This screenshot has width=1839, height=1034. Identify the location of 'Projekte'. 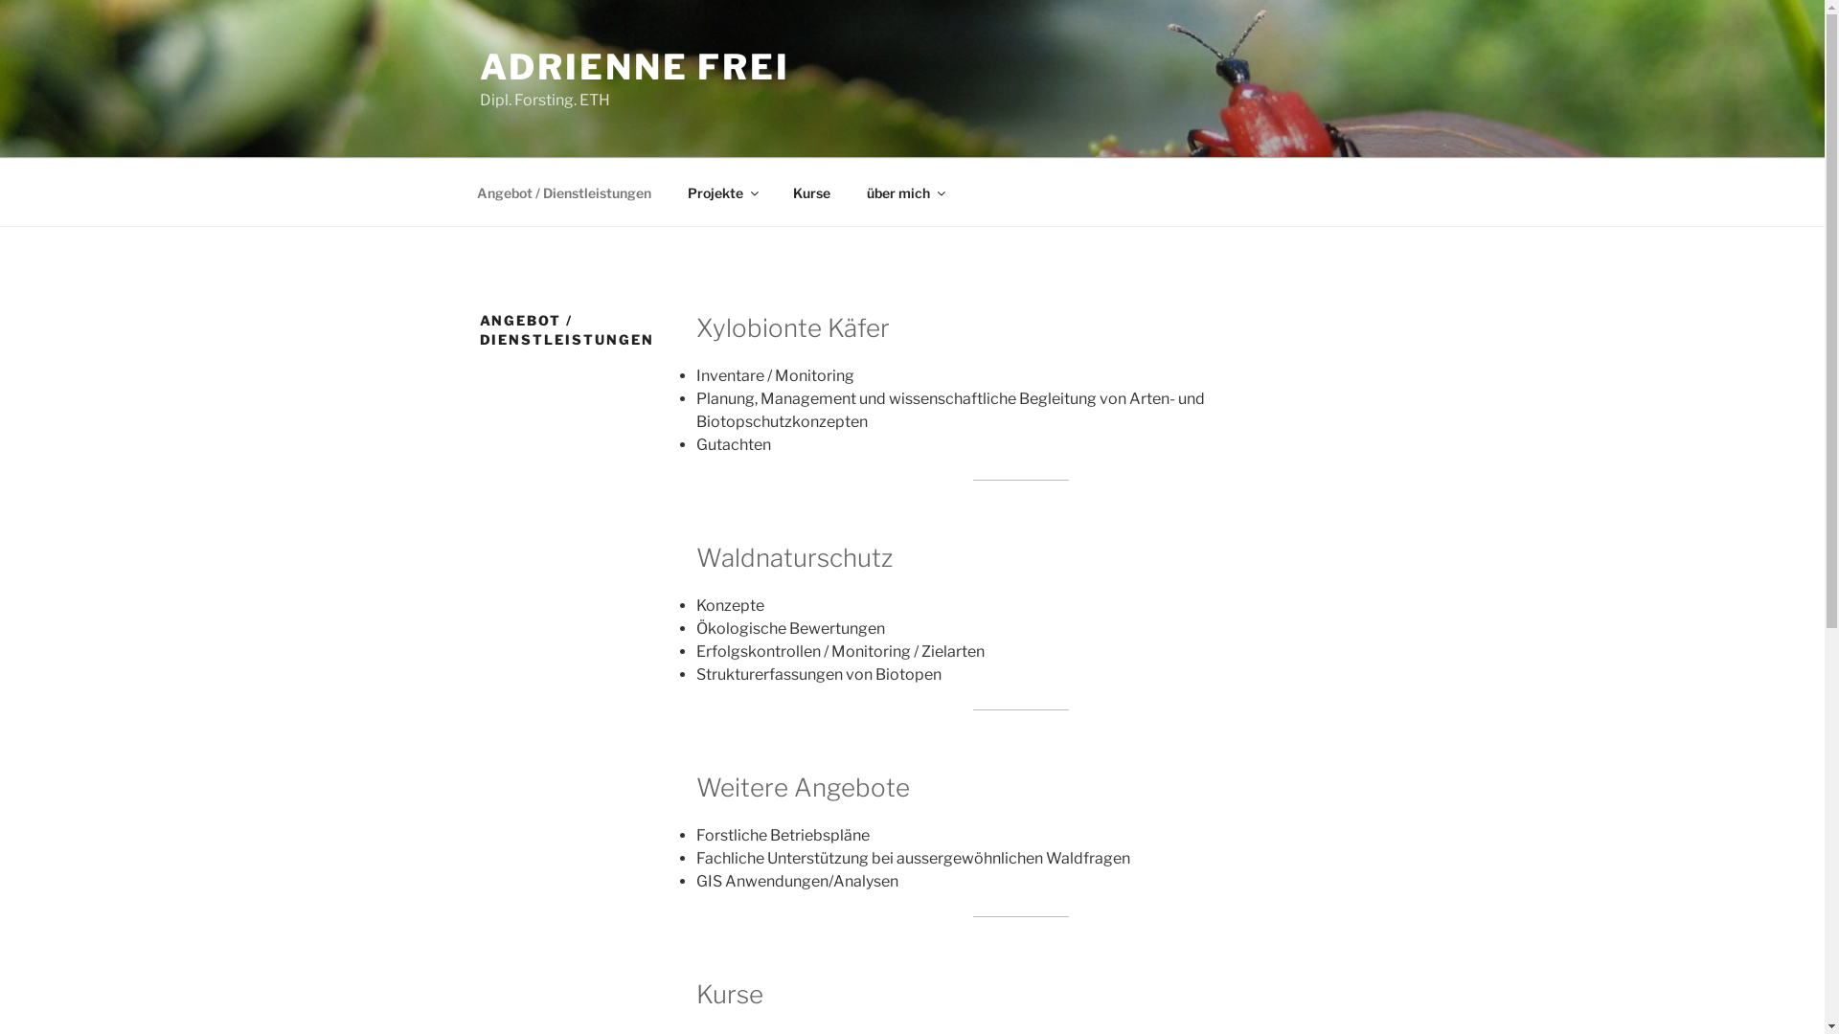
(720, 191).